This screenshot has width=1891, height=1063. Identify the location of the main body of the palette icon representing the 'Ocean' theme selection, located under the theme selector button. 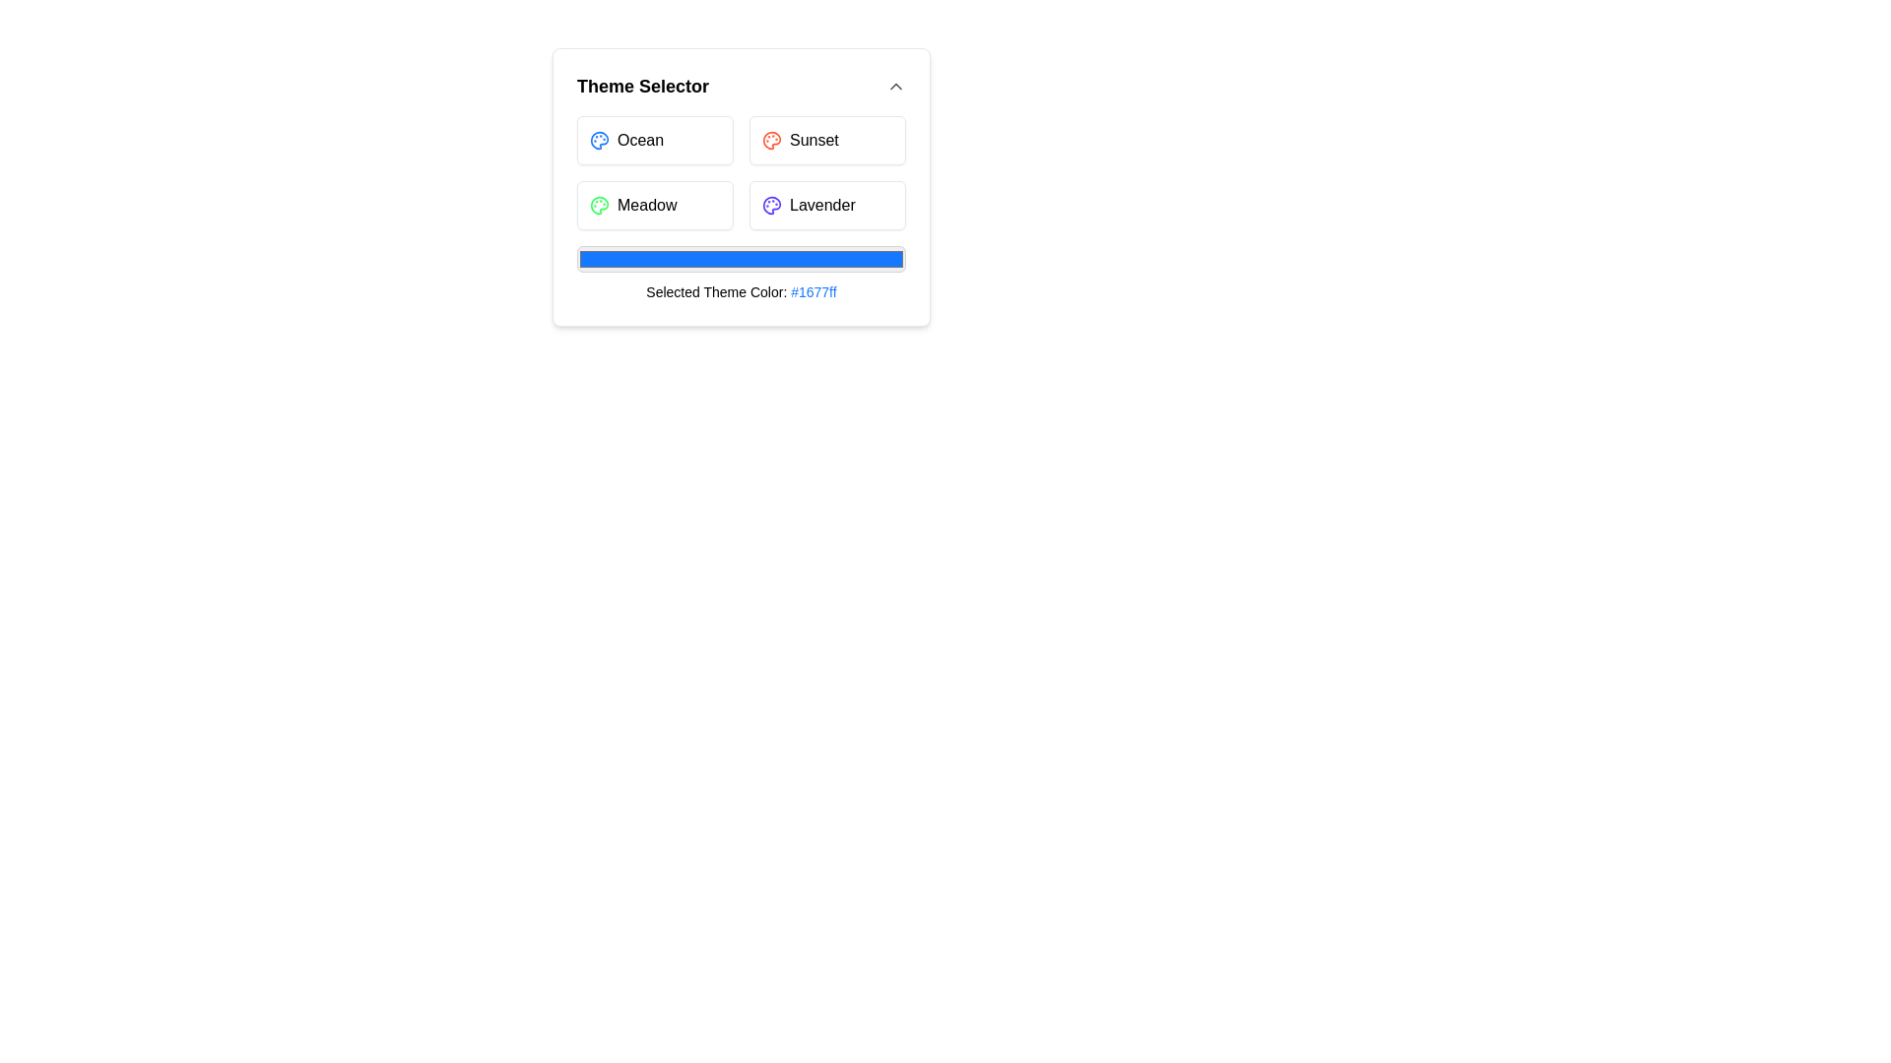
(599, 139).